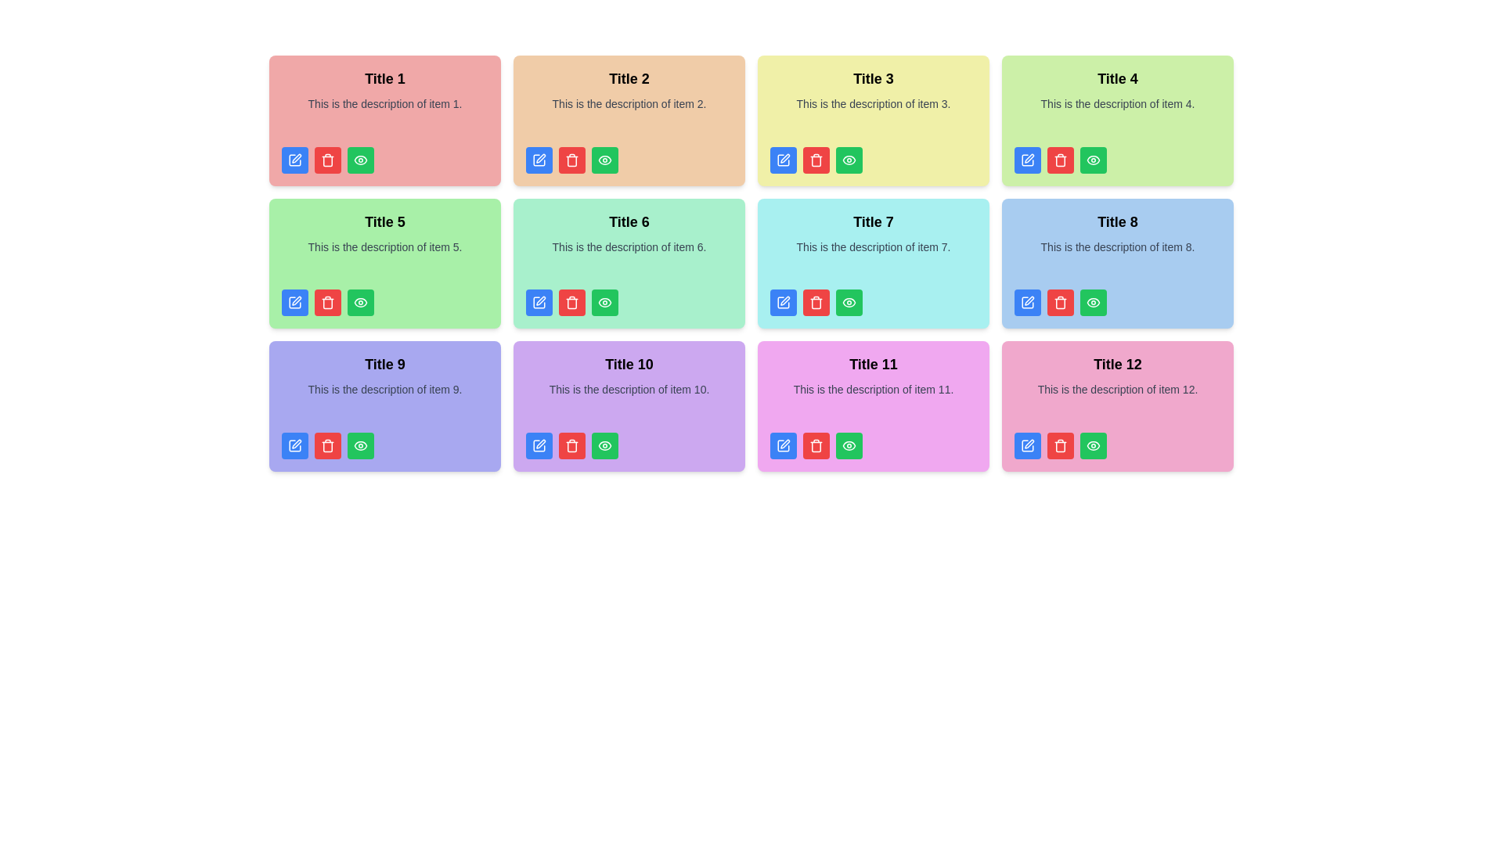 The height and width of the screenshot is (845, 1503). I want to click on the static text block displaying 'This is the description of item 4.' located within the green card labeled 'Title 4' in the top-right section of the interface, so click(1117, 116).